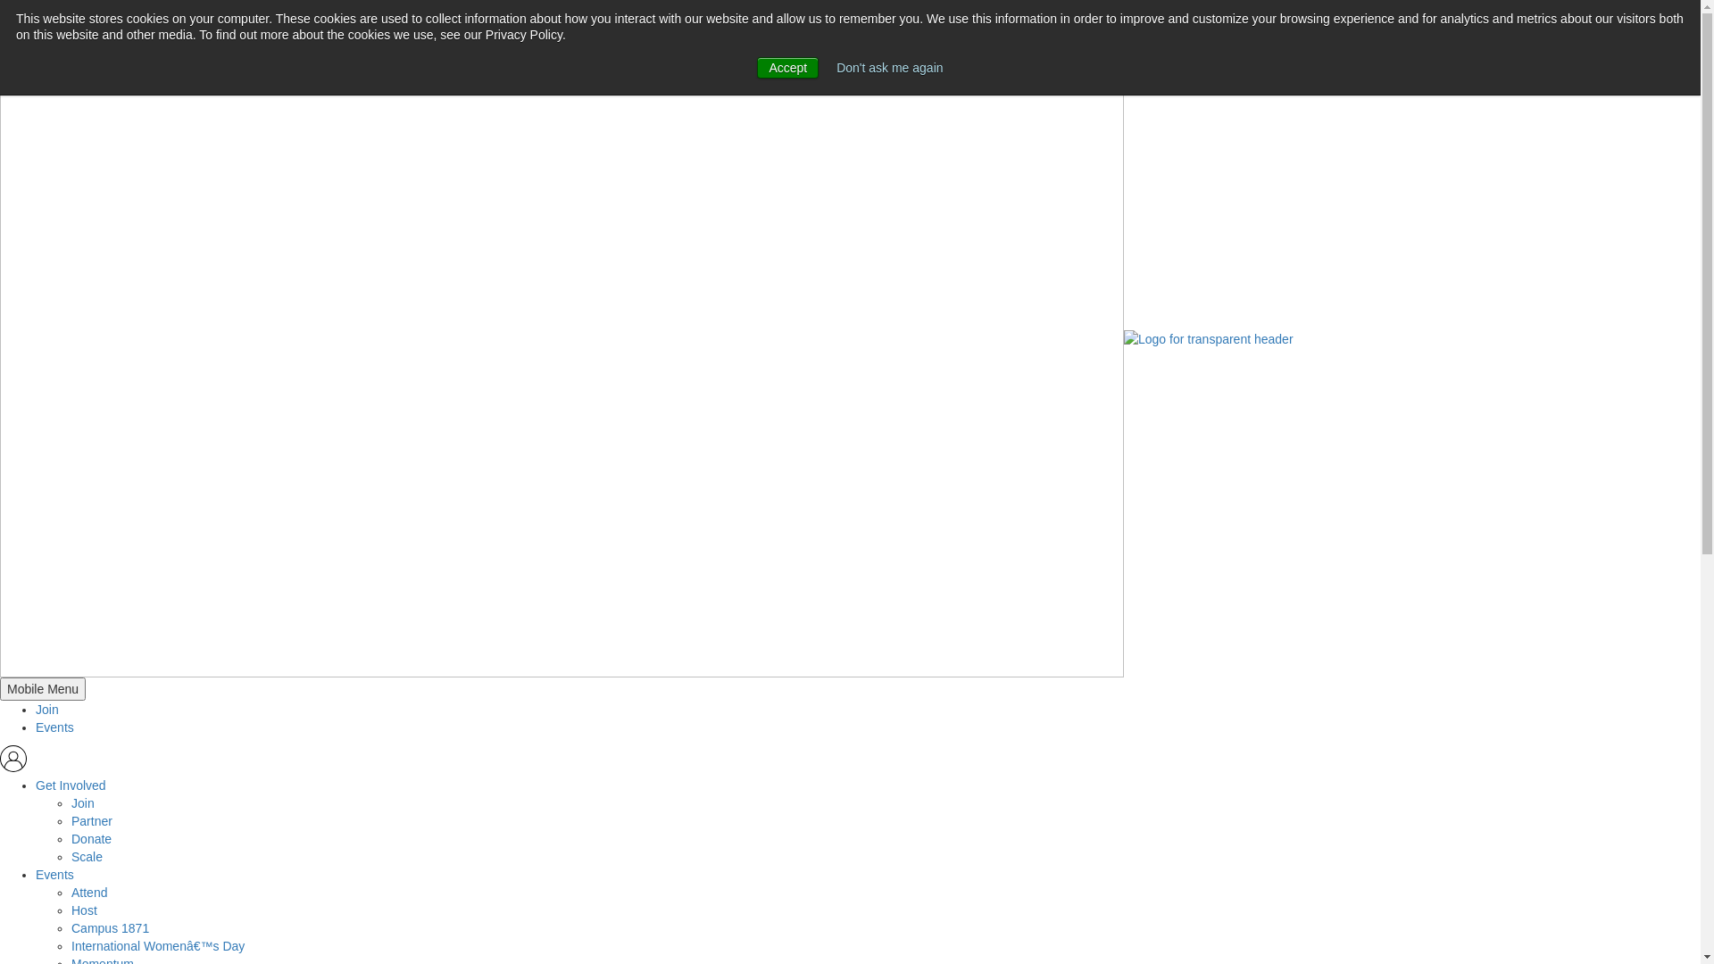 The height and width of the screenshot is (964, 1714). What do you see at coordinates (889, 67) in the screenshot?
I see `'Don't ask me again'` at bounding box center [889, 67].